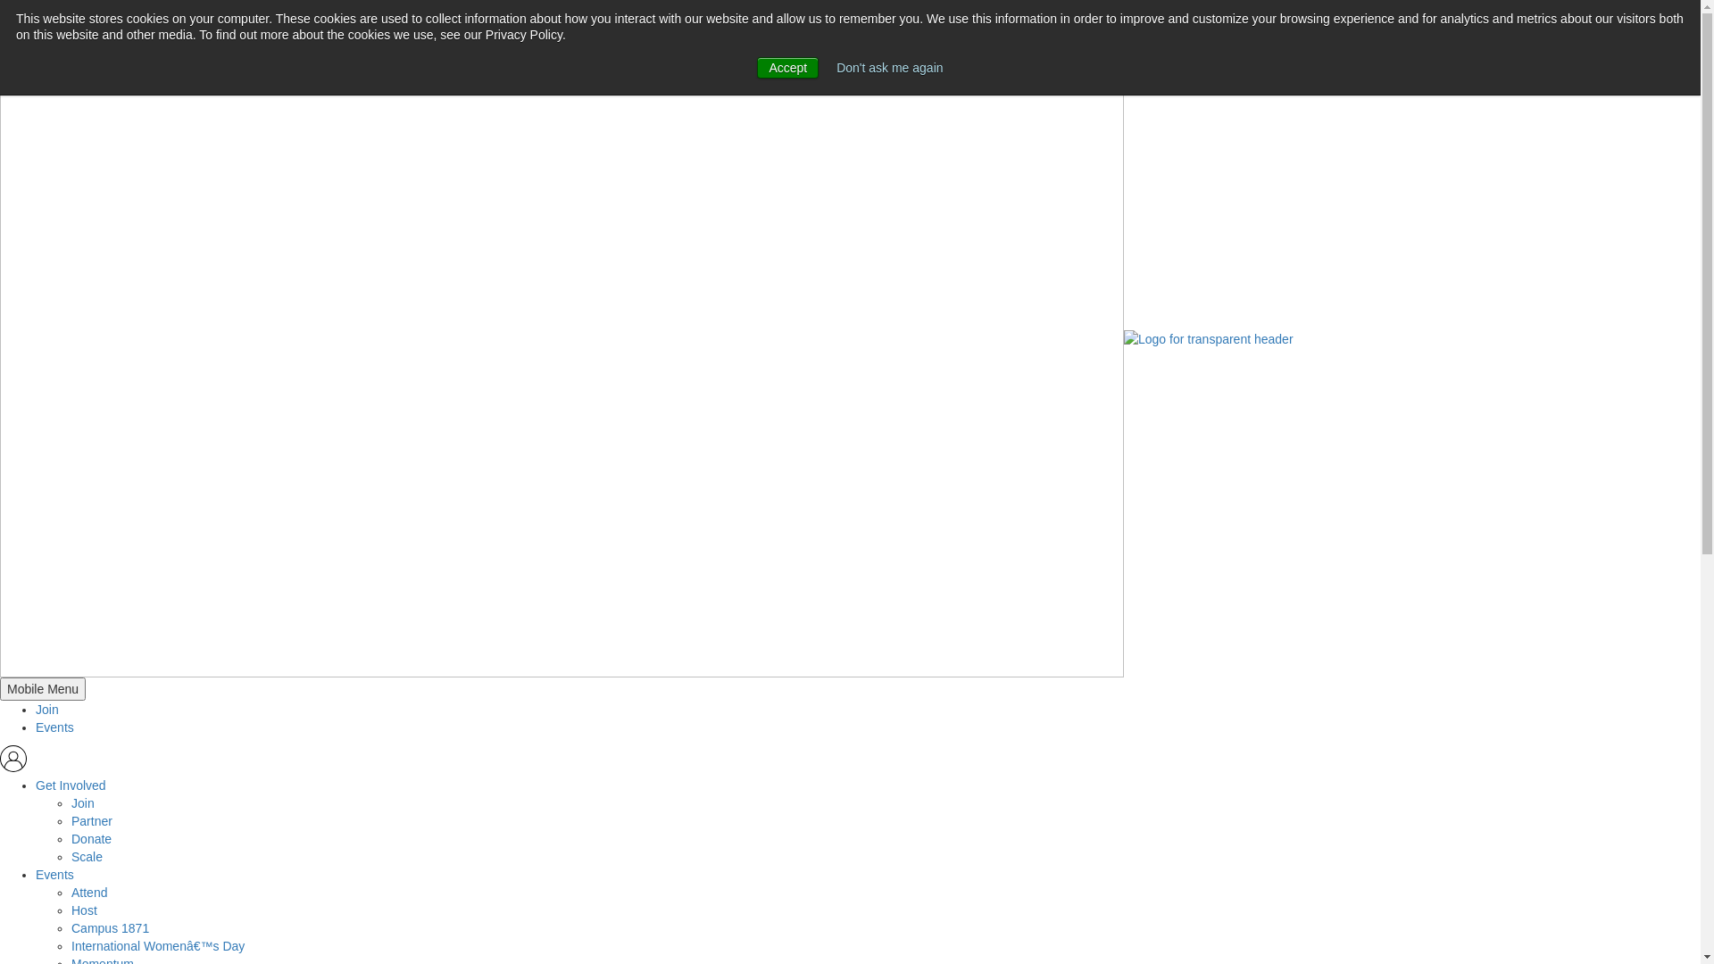 The height and width of the screenshot is (964, 1714). What do you see at coordinates (889, 67) in the screenshot?
I see `'Don't ask me again'` at bounding box center [889, 67].